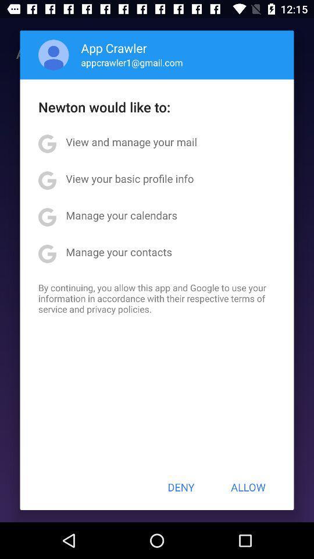  I want to click on item at the bottom, so click(181, 487).